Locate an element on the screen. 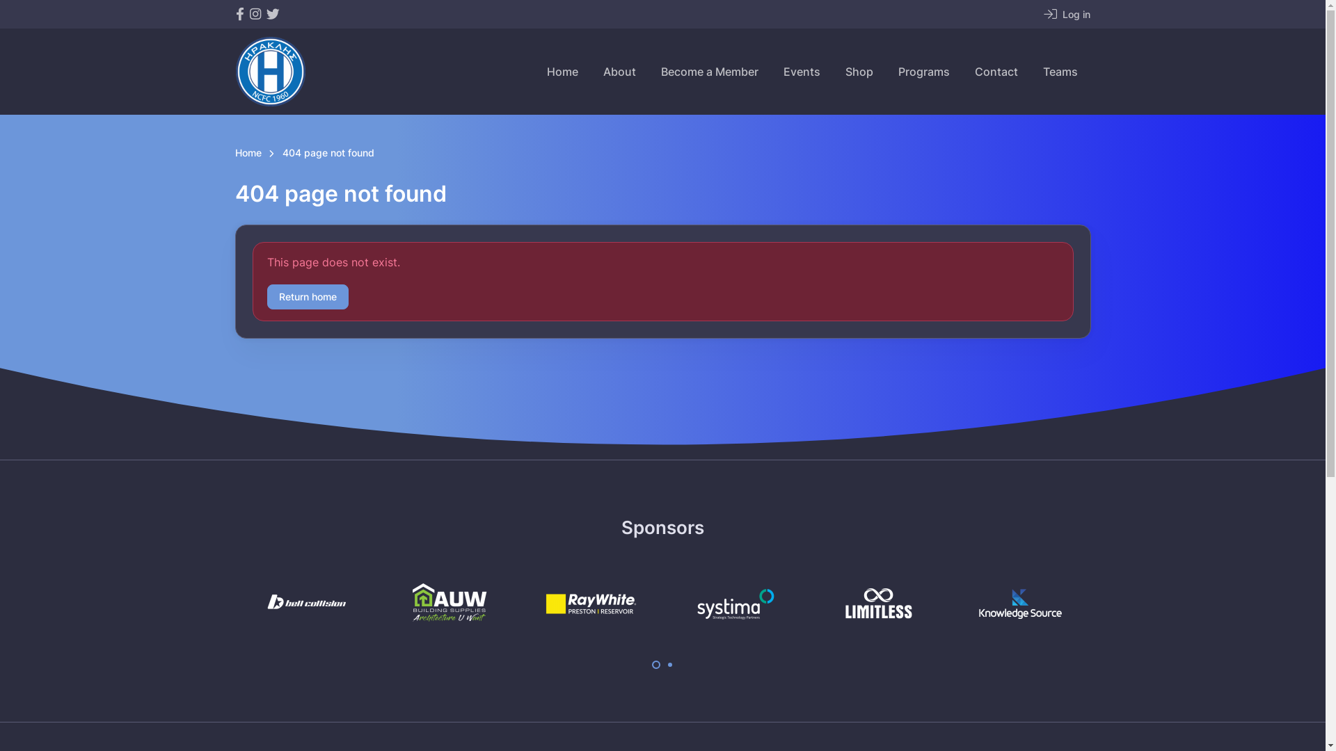  'Ray White' is located at coordinates (591, 603).